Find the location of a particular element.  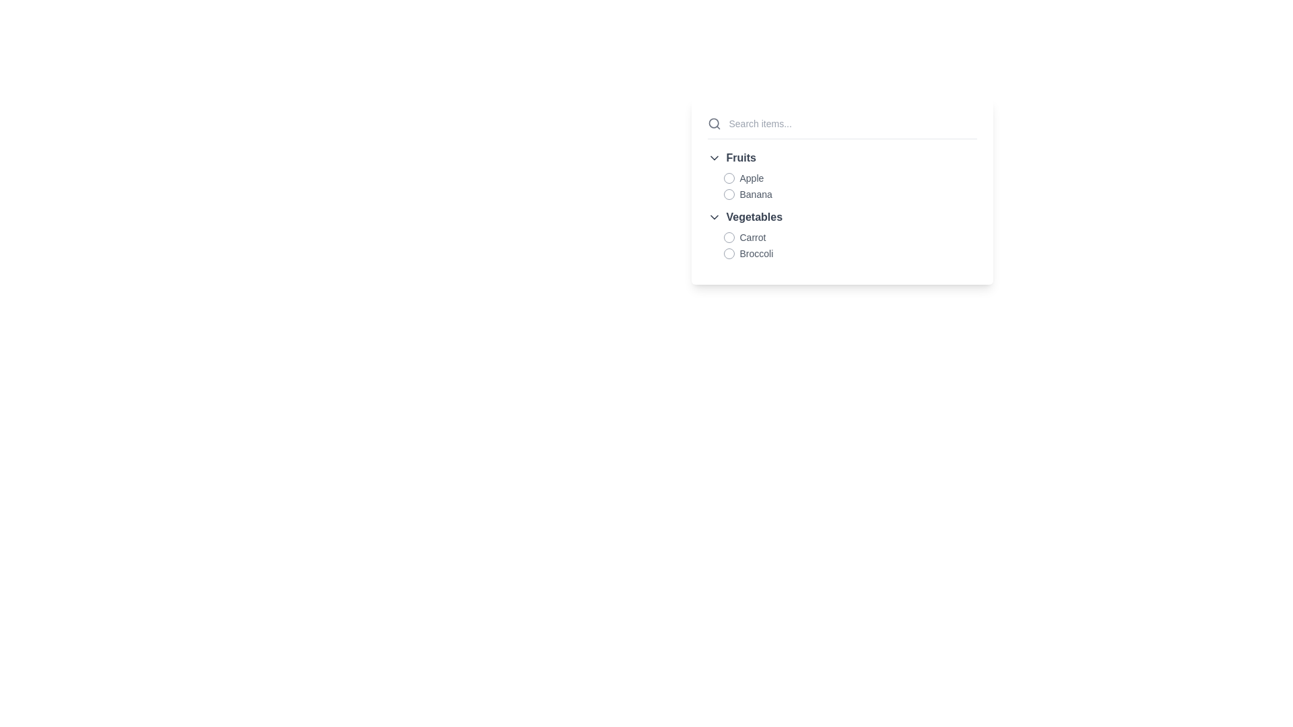

the selectable list item with a radio button for 'Carrot' located under the 'Vegetables' category, which is the first item in the list and positioned near the center of the UI interface is located at coordinates (849, 237).